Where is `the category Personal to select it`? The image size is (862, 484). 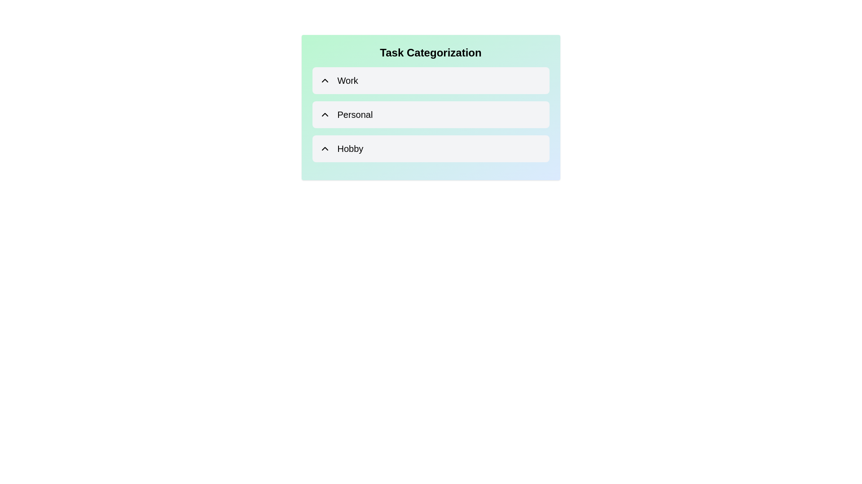 the category Personal to select it is located at coordinates (430, 114).